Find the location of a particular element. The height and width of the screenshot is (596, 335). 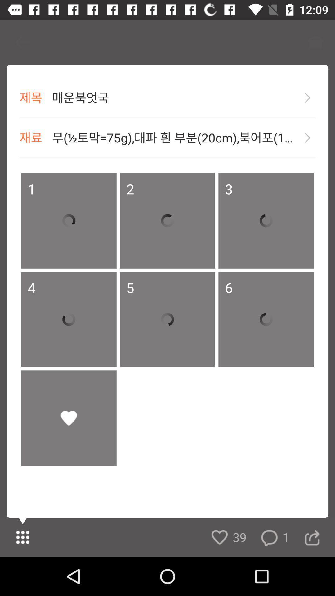

the dialpad icon is located at coordinates (22, 537).